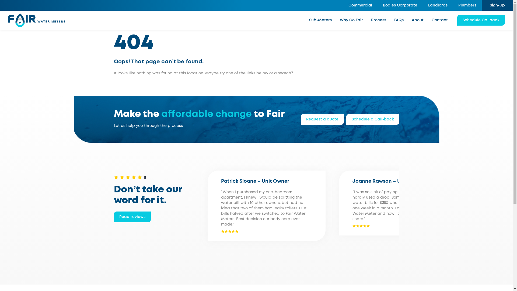  Describe the element at coordinates (320, 20) in the screenshot. I see `'Sub-Meters'` at that location.